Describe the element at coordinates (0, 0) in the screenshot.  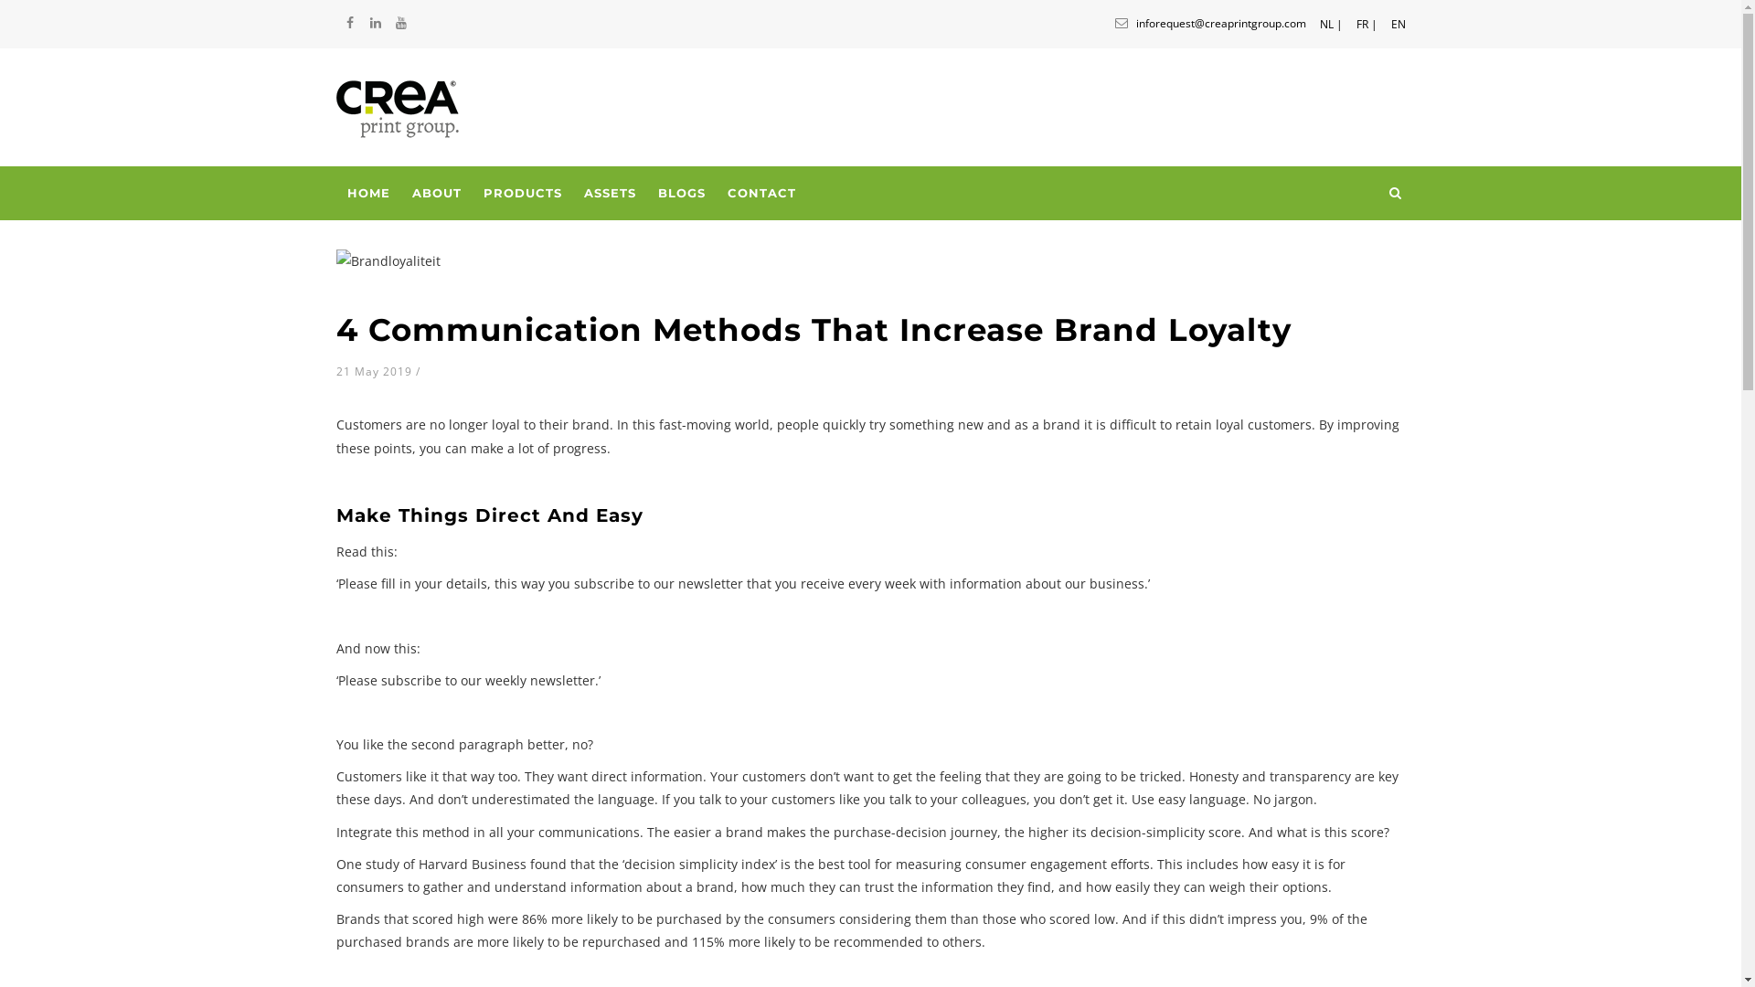
I see `'Skip to main content'` at that location.